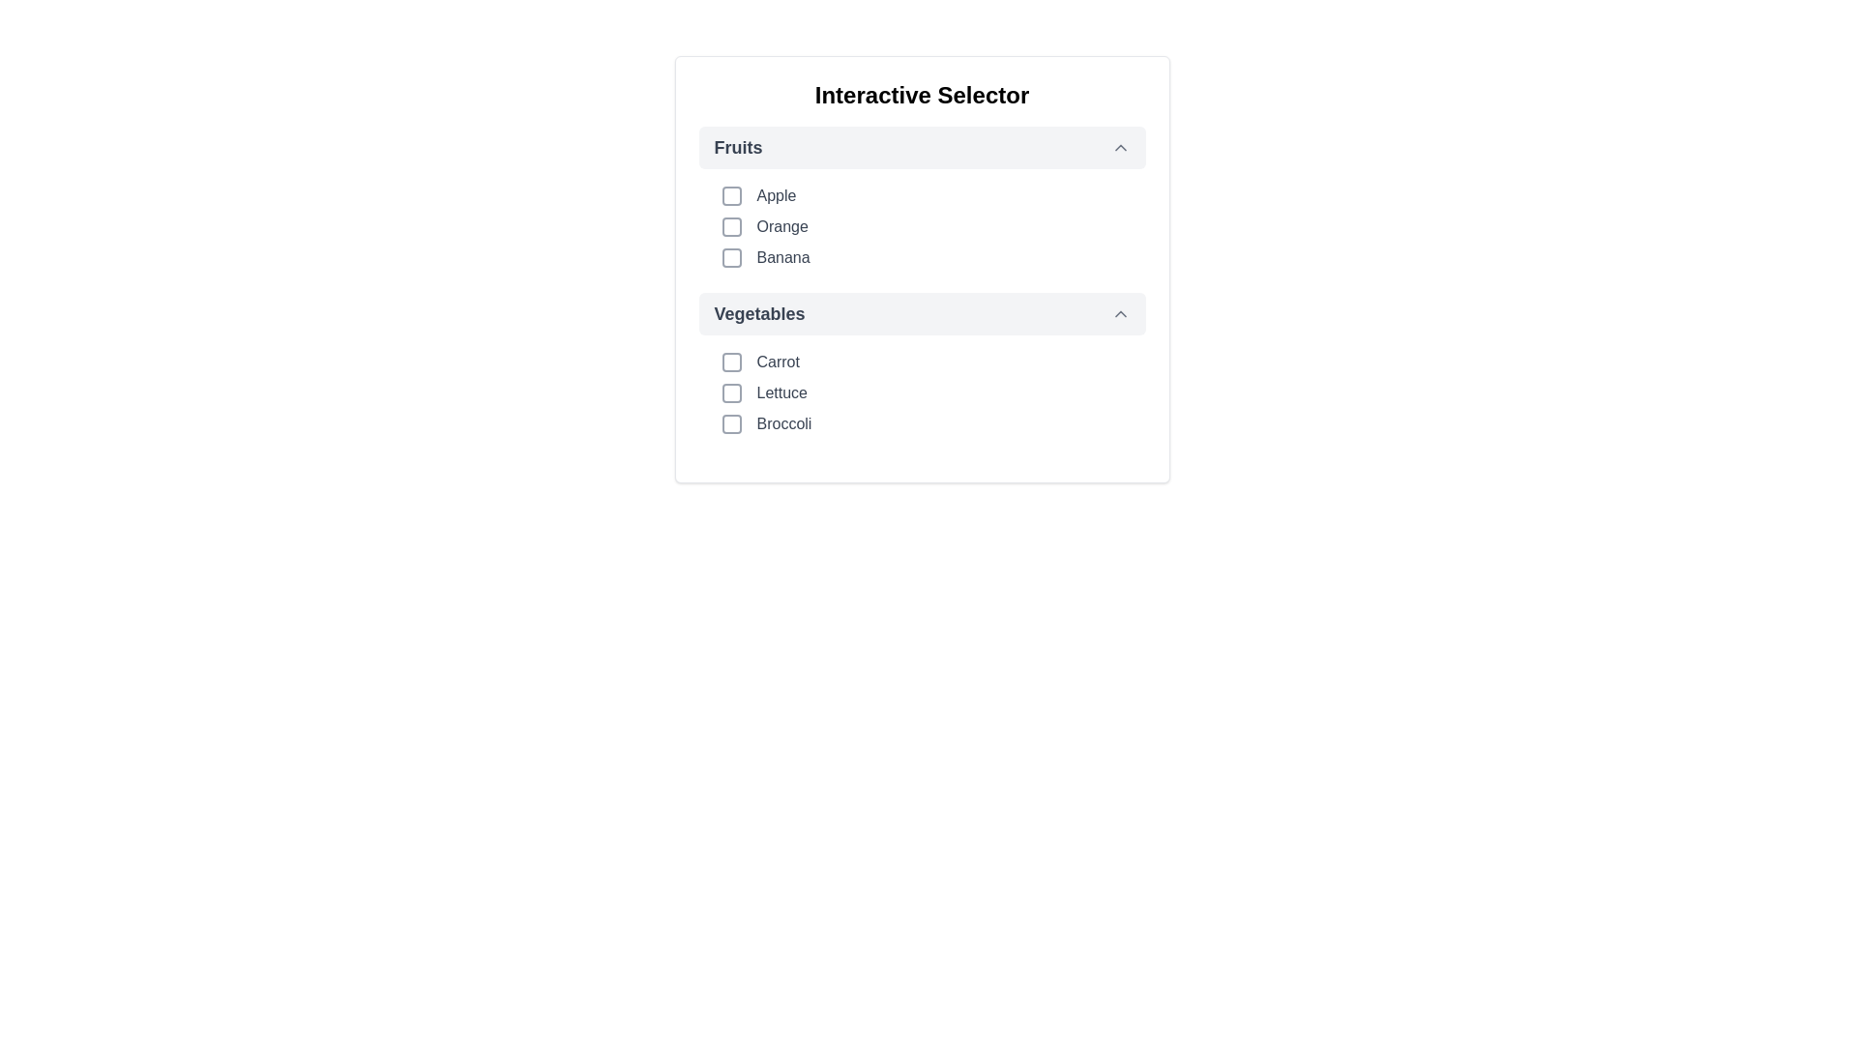  What do you see at coordinates (730, 256) in the screenshot?
I see `the selected checkbox with a gray border and a checkmark icon` at bounding box center [730, 256].